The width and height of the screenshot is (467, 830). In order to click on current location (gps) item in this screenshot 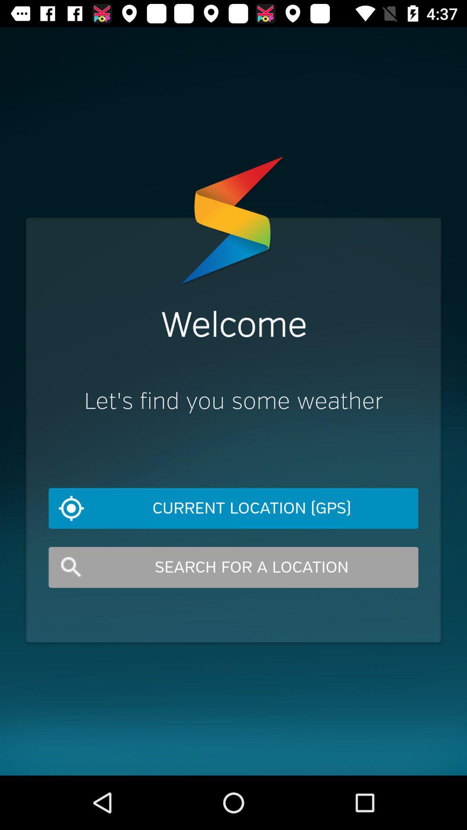, I will do `click(233, 508)`.